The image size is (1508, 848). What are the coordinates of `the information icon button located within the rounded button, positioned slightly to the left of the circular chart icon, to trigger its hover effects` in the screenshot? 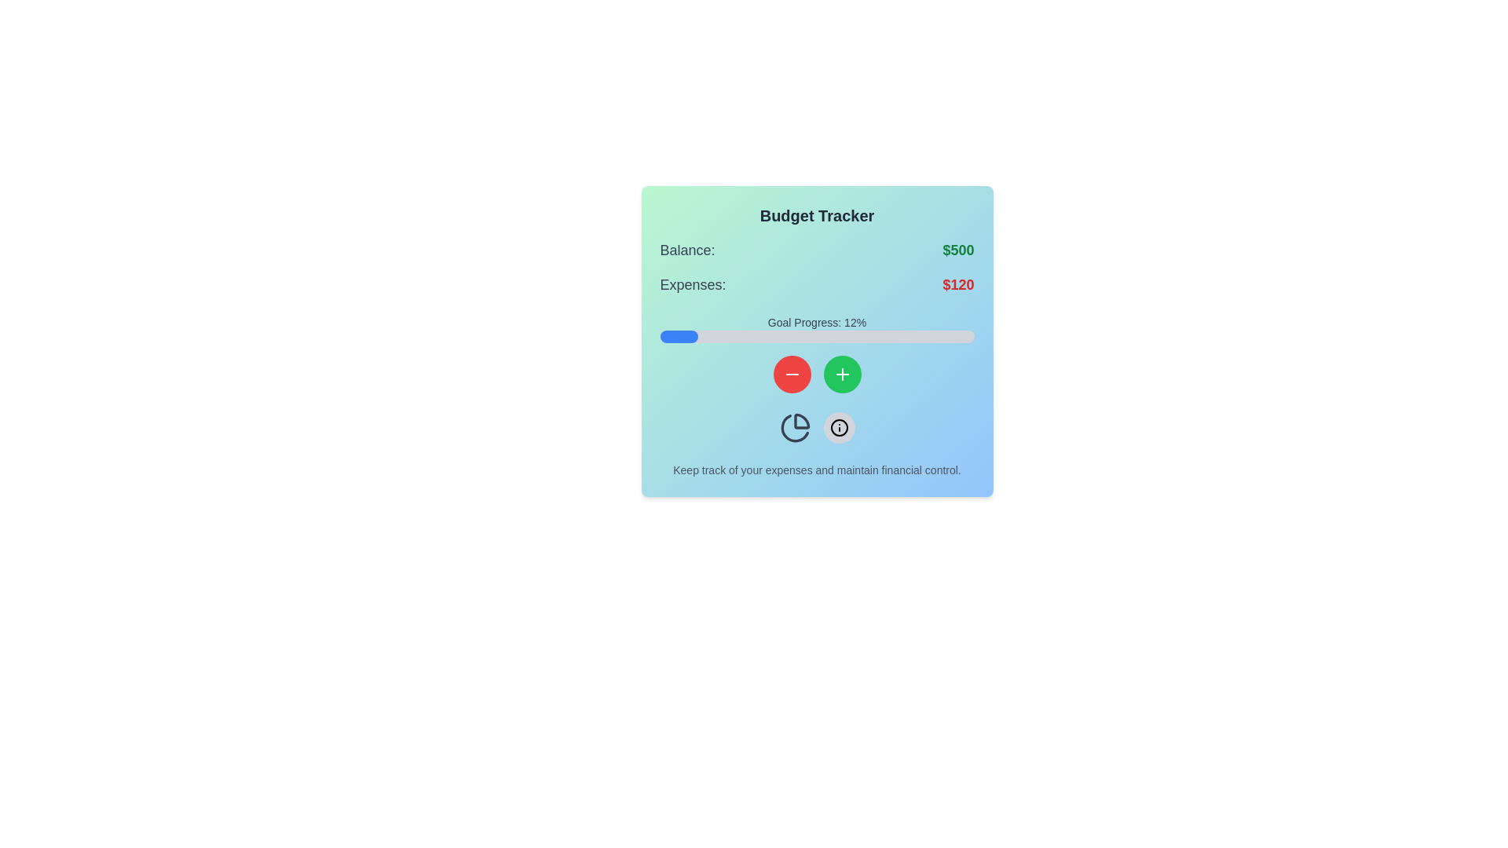 It's located at (838, 427).